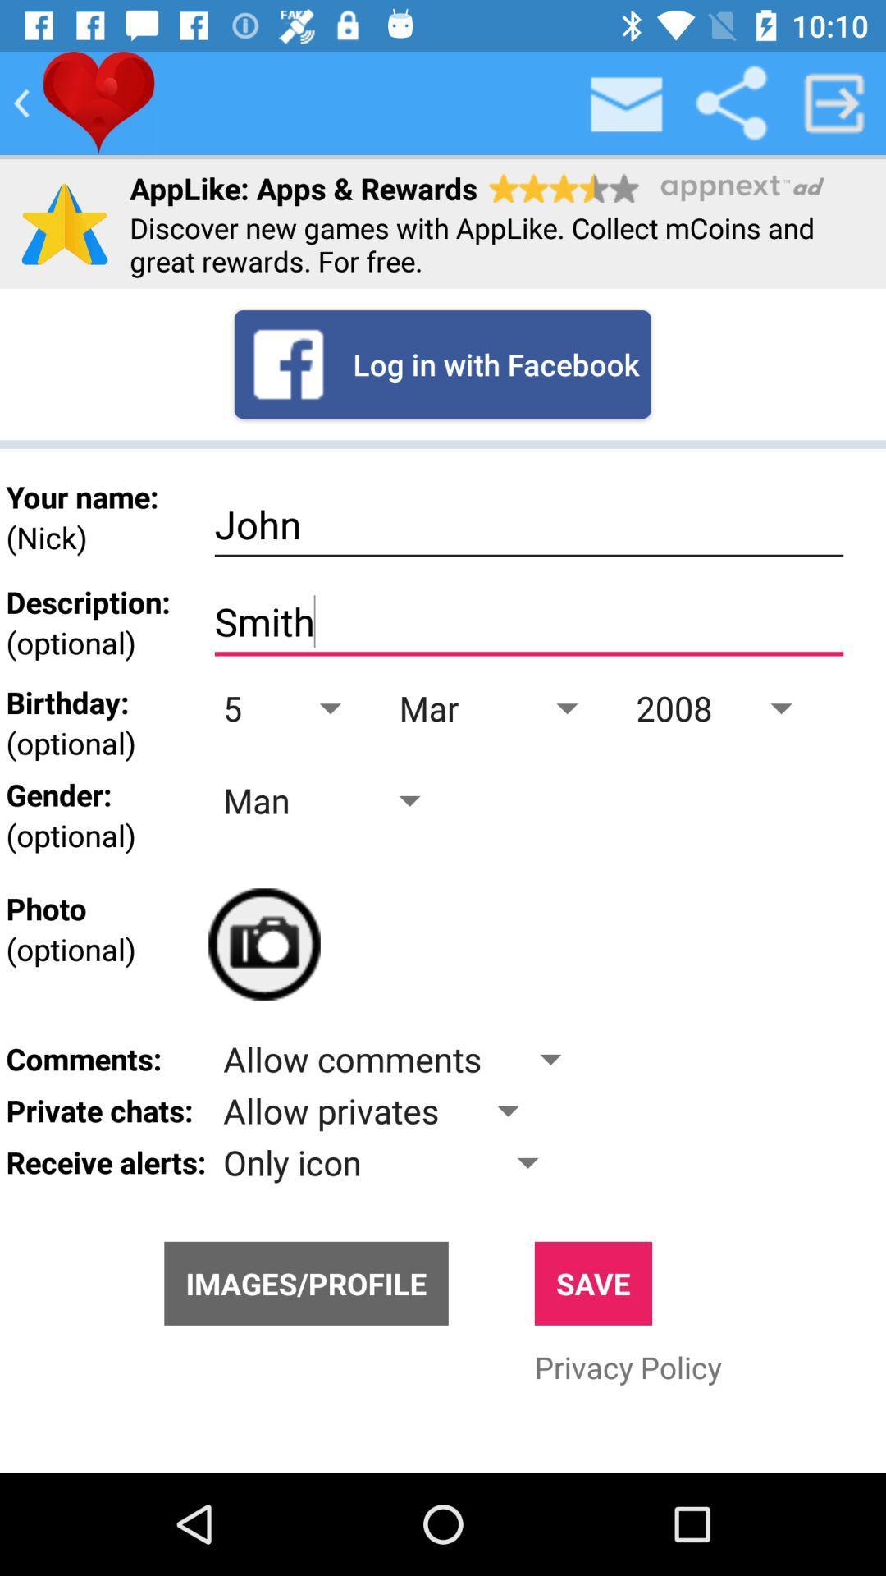  Describe the element at coordinates (263, 944) in the screenshot. I see `upload a photo` at that location.